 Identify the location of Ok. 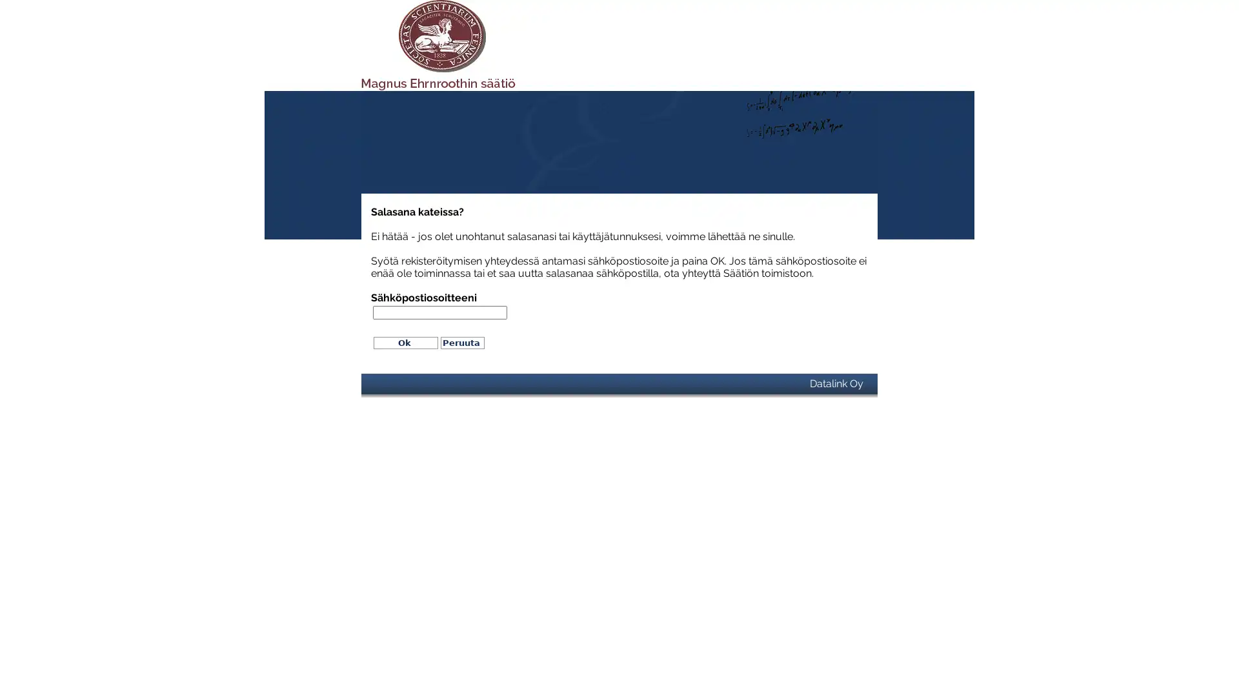
(405, 342).